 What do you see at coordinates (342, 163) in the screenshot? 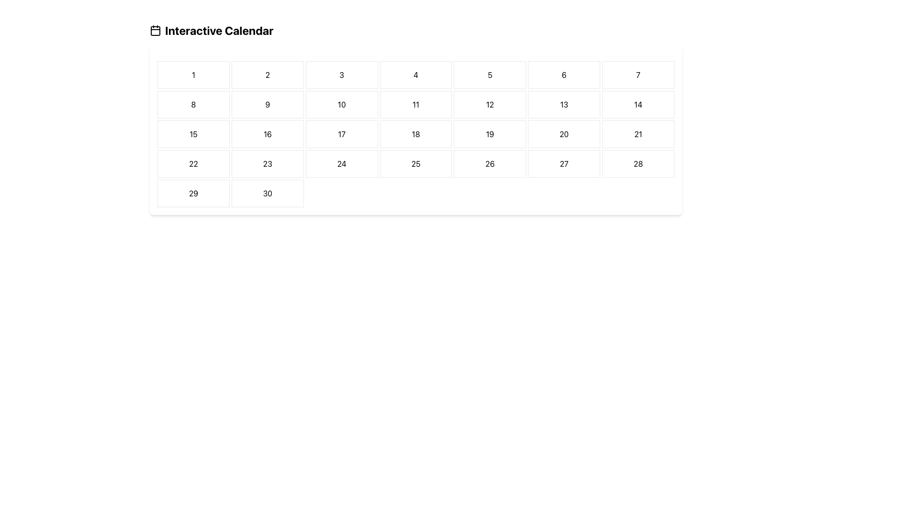
I see `the interactive calendar cell displaying the number '24', which is styled with a border and has a hover effect that changes its background to blue` at bounding box center [342, 163].